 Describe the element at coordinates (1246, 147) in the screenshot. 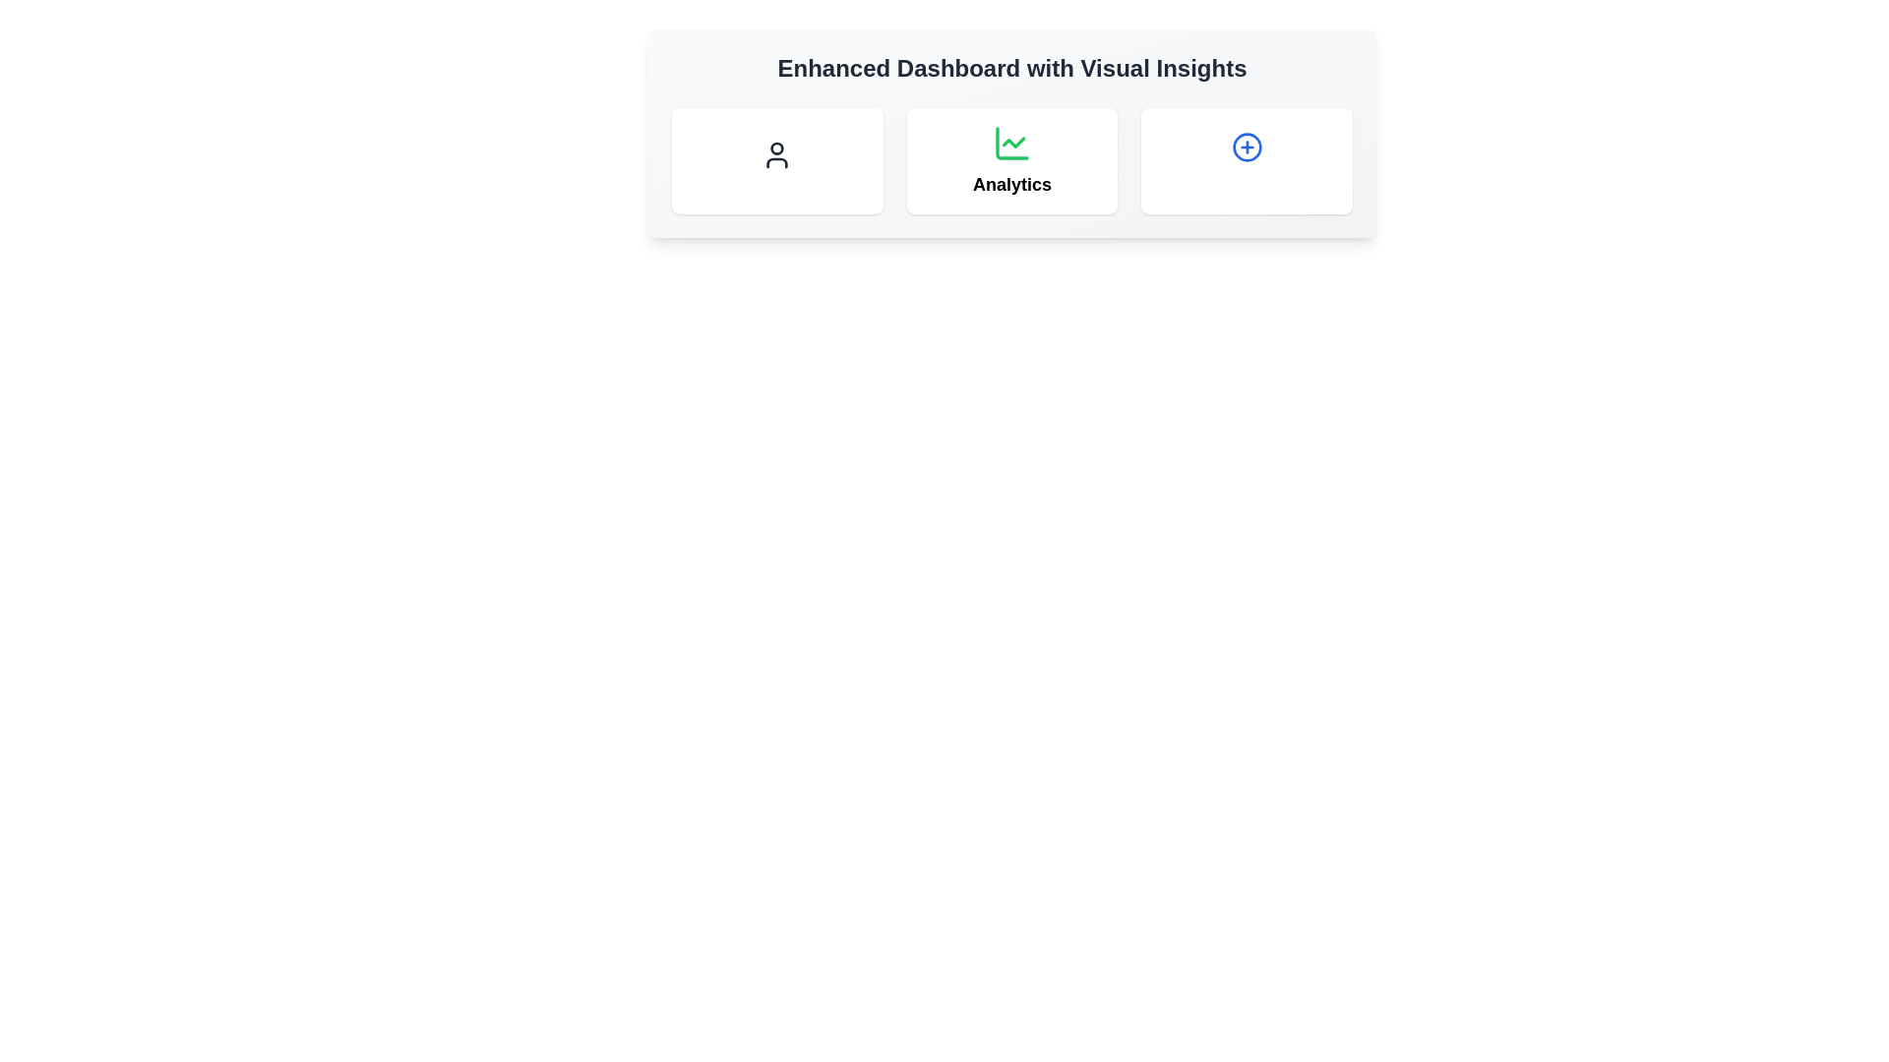

I see `the rightmost button with a centered blue circular icon containing a plus symbol` at that location.